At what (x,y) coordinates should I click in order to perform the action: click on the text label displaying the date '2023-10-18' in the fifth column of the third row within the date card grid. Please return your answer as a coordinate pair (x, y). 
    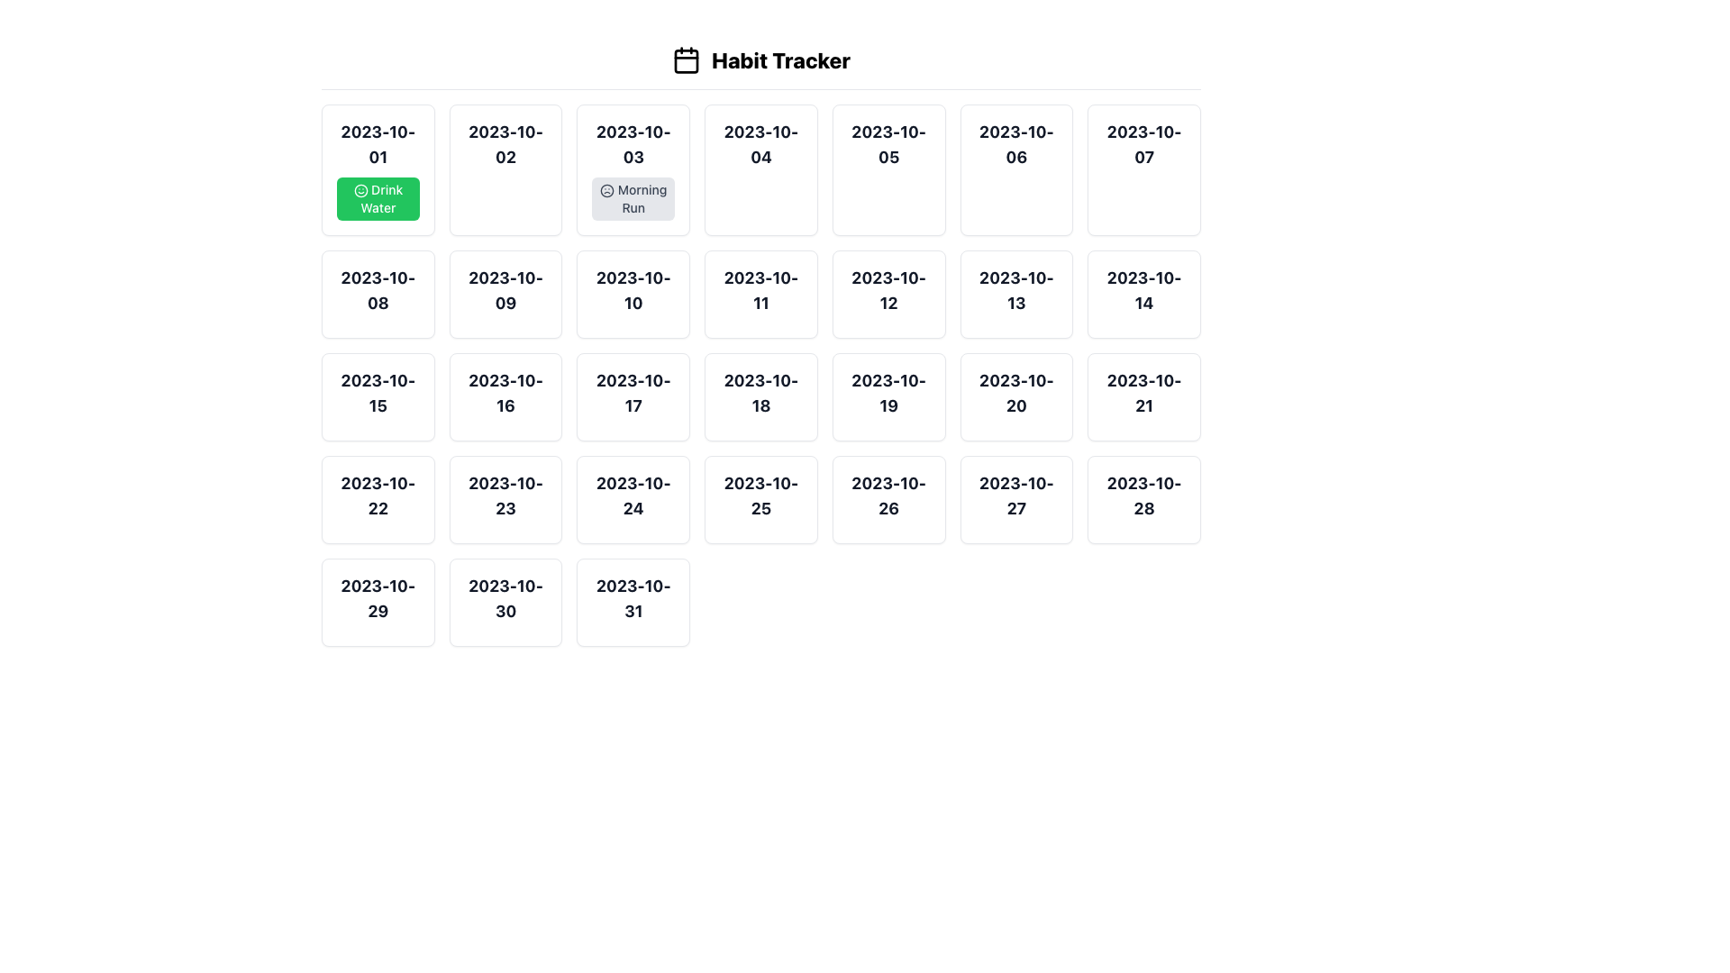
    Looking at the image, I should click on (760, 392).